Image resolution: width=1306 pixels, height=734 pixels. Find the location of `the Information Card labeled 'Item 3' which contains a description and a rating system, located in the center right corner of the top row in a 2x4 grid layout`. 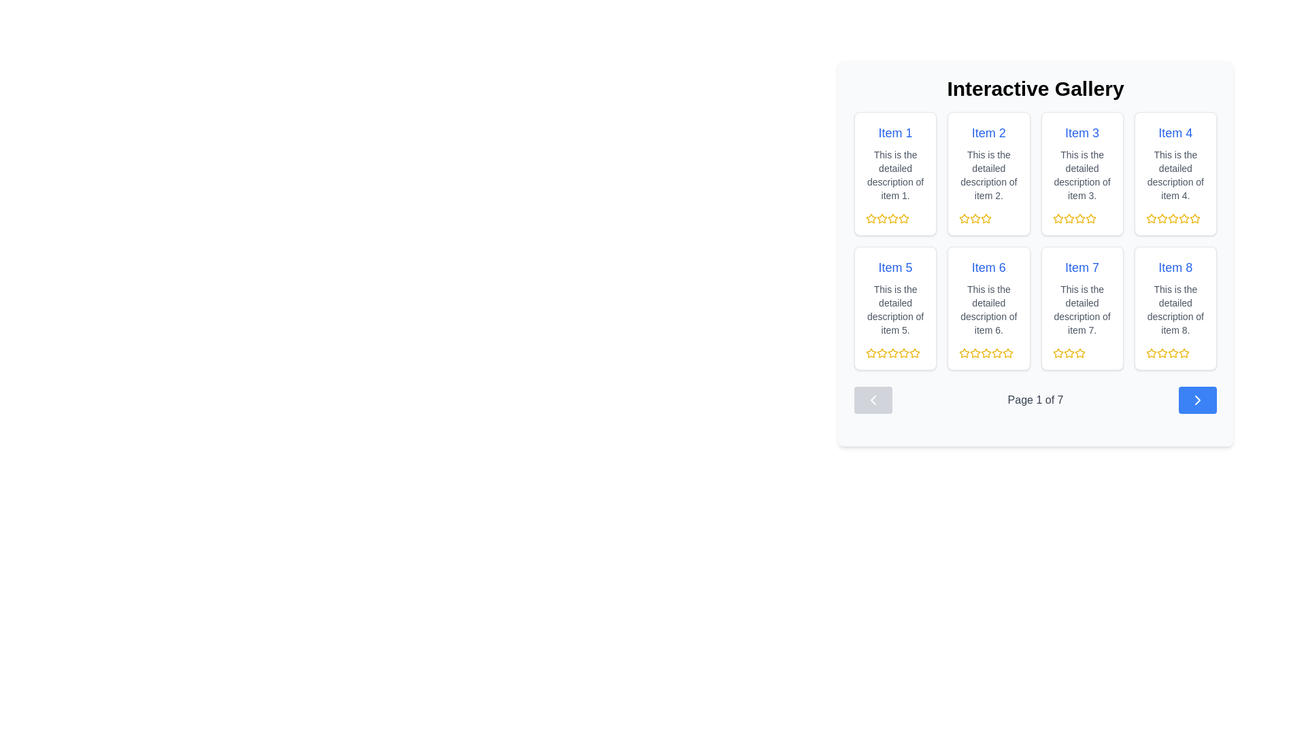

the Information Card labeled 'Item 3' which contains a description and a rating system, located in the center right corner of the top row in a 2x4 grid layout is located at coordinates (1082, 173).